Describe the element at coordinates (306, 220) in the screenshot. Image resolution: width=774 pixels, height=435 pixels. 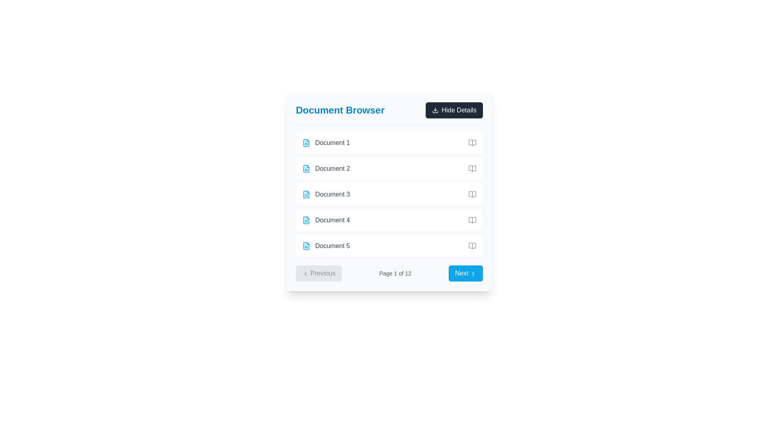
I see `the small blue document icon with a folded corner located in the left part of the fourth row in the Document Browser, adjacent to the text label 'Document 4'` at that location.